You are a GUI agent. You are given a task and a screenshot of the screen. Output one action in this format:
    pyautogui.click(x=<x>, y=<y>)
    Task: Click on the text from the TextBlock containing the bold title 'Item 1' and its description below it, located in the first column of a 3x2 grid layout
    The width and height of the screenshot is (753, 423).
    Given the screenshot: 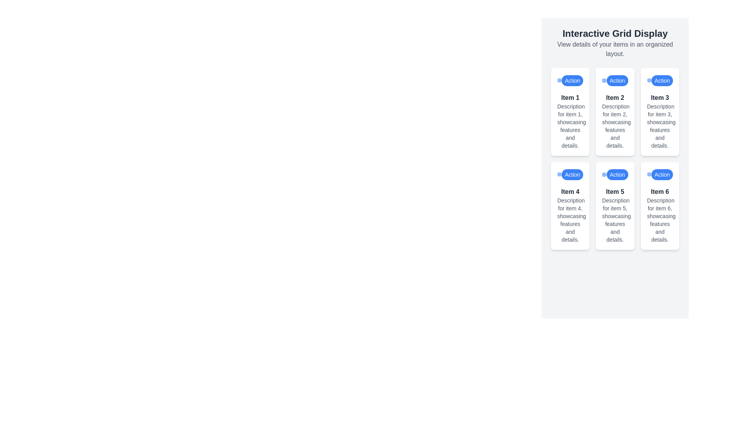 What is the action you would take?
    pyautogui.click(x=570, y=121)
    